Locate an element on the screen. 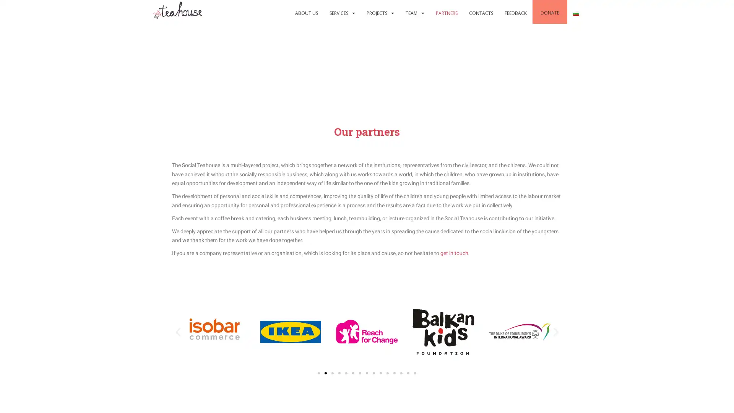  Go to slide 6 is located at coordinates (352, 372).